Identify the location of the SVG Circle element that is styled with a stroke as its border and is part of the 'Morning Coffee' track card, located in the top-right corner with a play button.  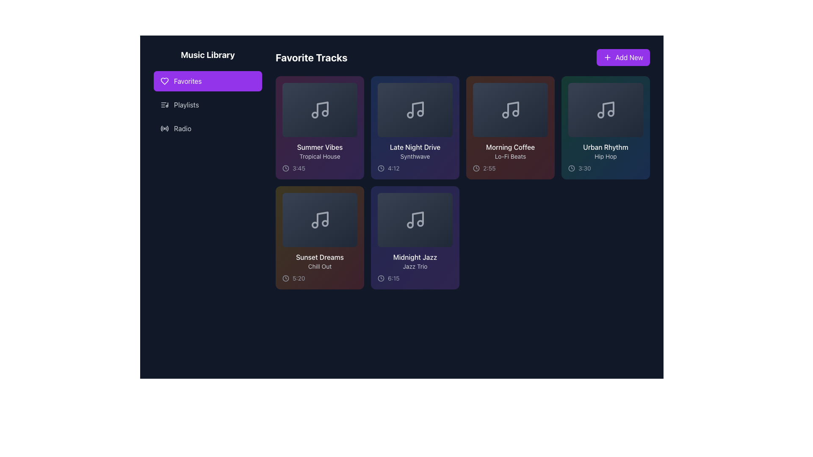
(542, 88).